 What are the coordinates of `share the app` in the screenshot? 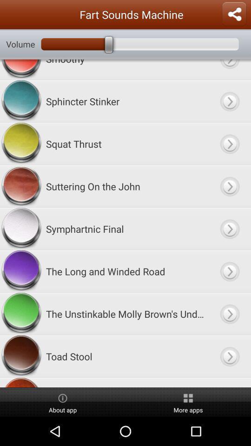 It's located at (233, 14).